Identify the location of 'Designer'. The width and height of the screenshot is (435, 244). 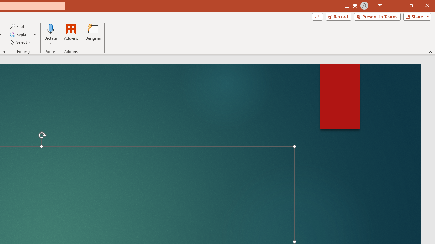
(93, 35).